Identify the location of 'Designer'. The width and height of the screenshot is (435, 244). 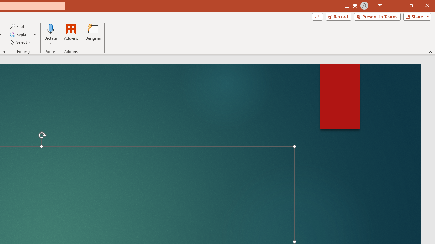
(93, 35).